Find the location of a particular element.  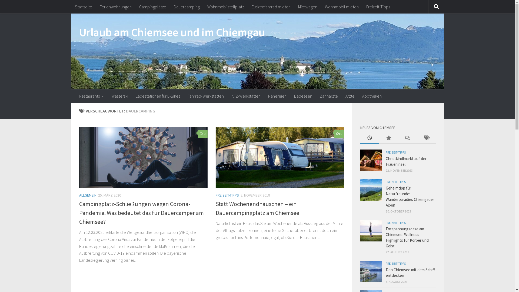

'Wohnmobil mieten' is located at coordinates (341, 6).